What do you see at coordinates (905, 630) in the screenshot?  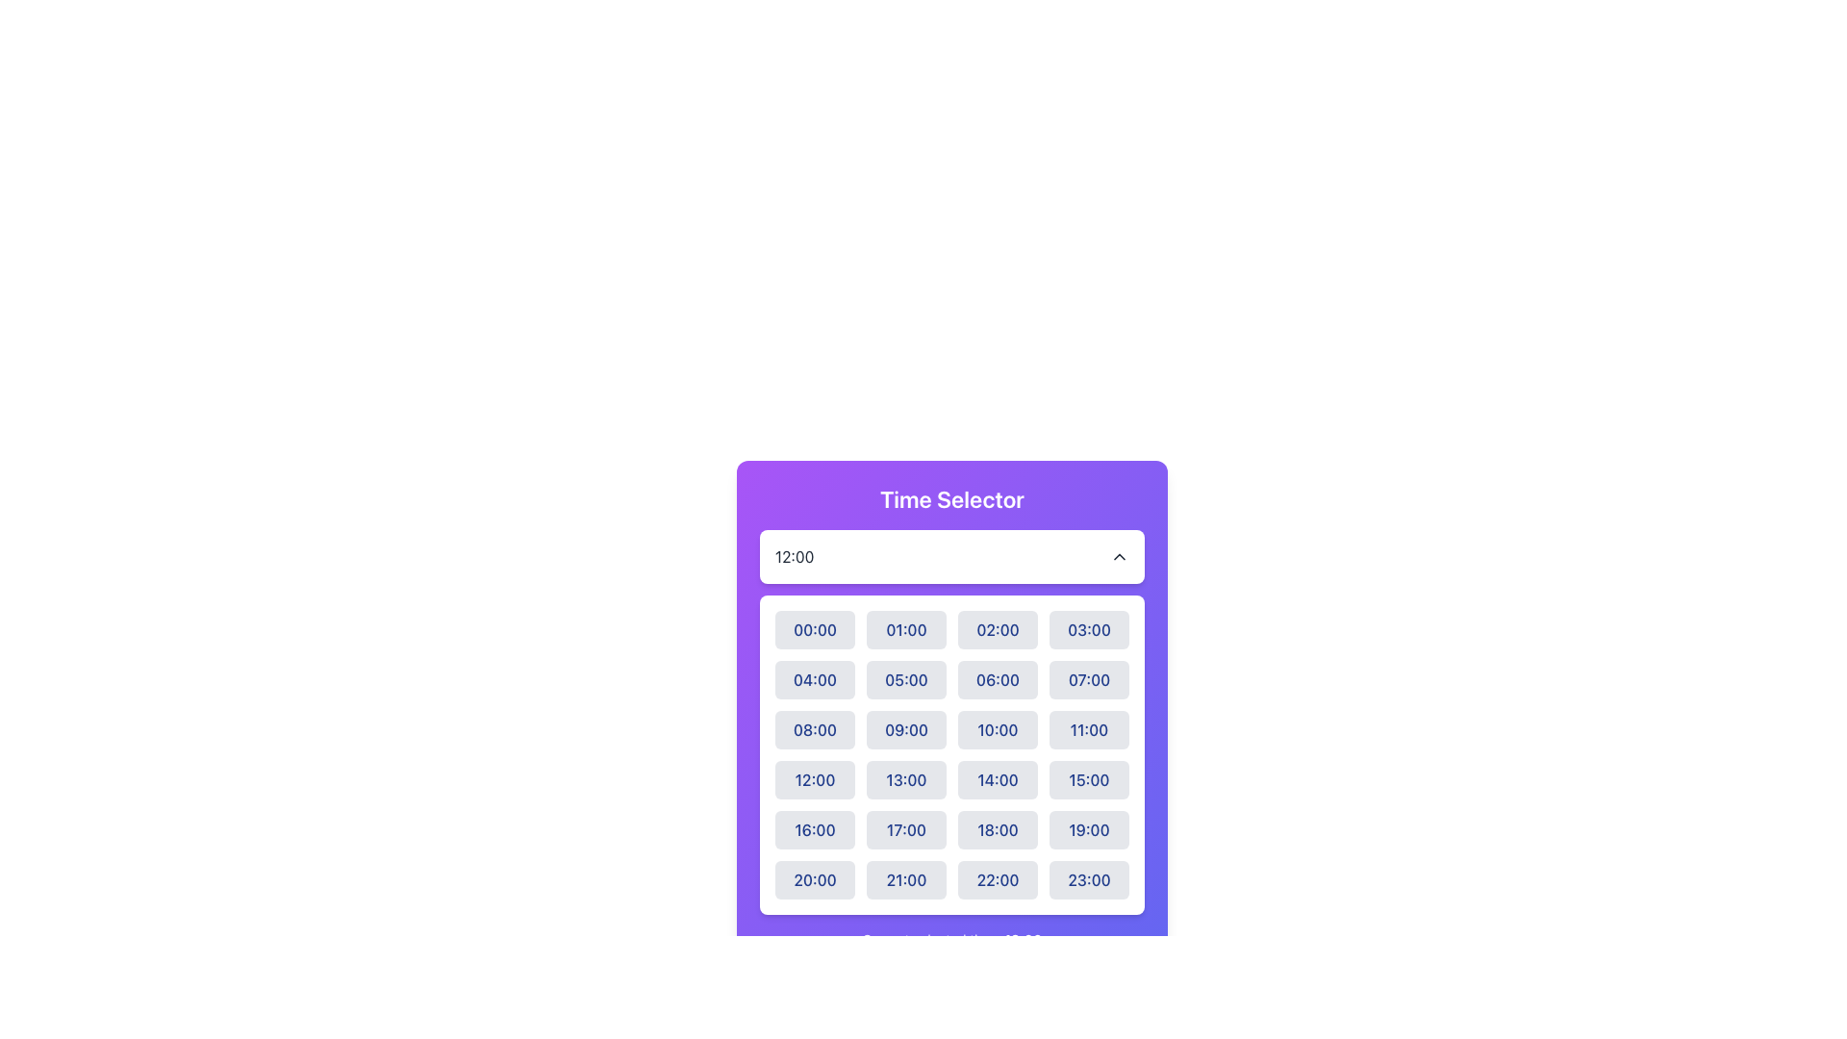 I see `the second button in the first row of the time selection grid` at bounding box center [905, 630].